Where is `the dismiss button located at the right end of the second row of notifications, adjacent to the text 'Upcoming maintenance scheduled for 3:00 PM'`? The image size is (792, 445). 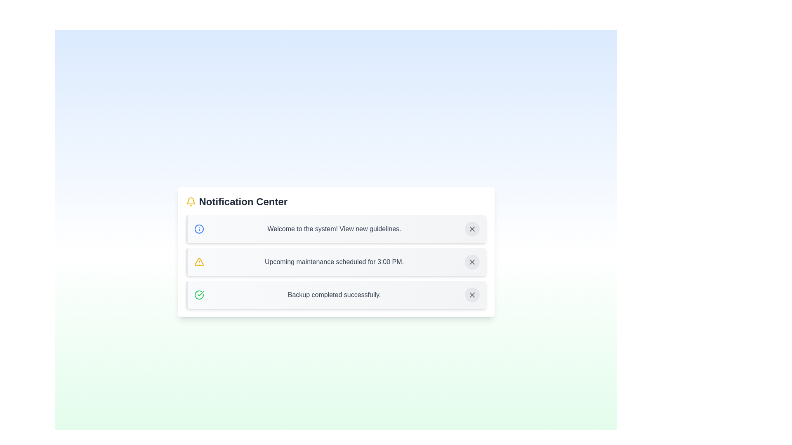
the dismiss button located at the right end of the second row of notifications, adjacent to the text 'Upcoming maintenance scheduled for 3:00 PM' is located at coordinates (472, 262).